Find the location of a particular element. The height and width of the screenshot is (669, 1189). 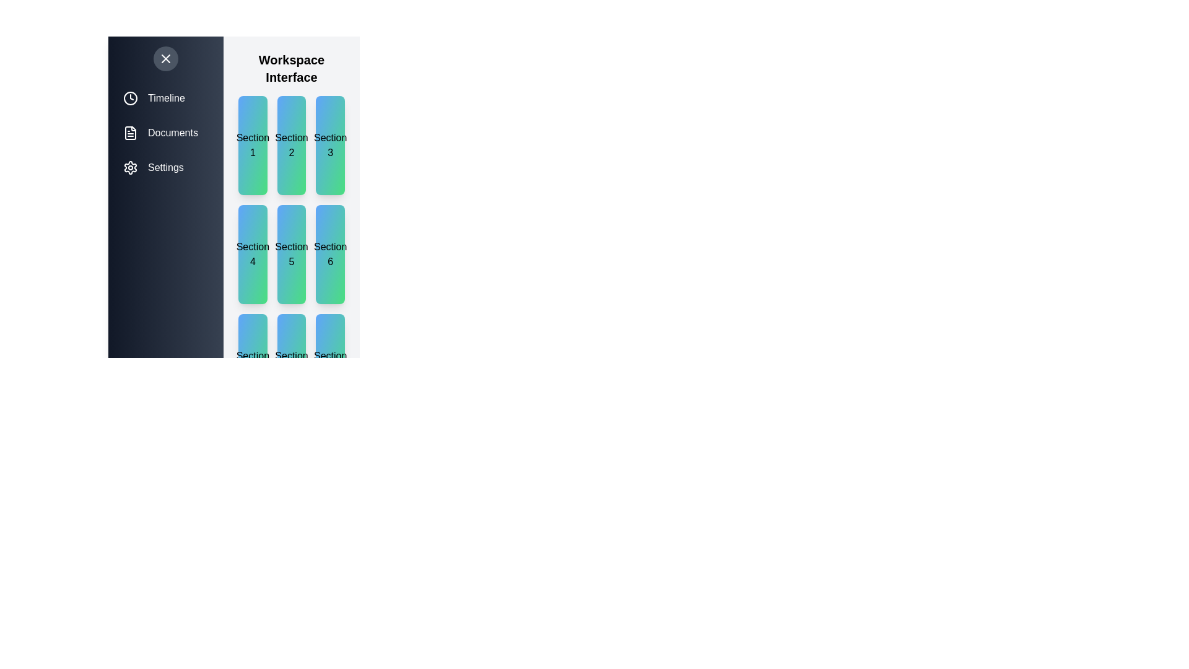

the toggle button to open or close the drawer is located at coordinates (165, 59).